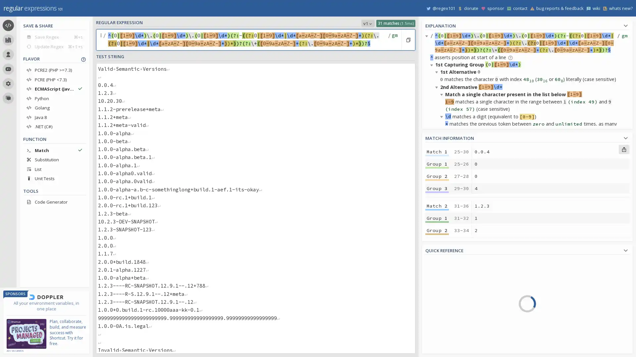 This screenshot has height=357, width=636. I want to click on EXPLANATION, so click(527, 24).